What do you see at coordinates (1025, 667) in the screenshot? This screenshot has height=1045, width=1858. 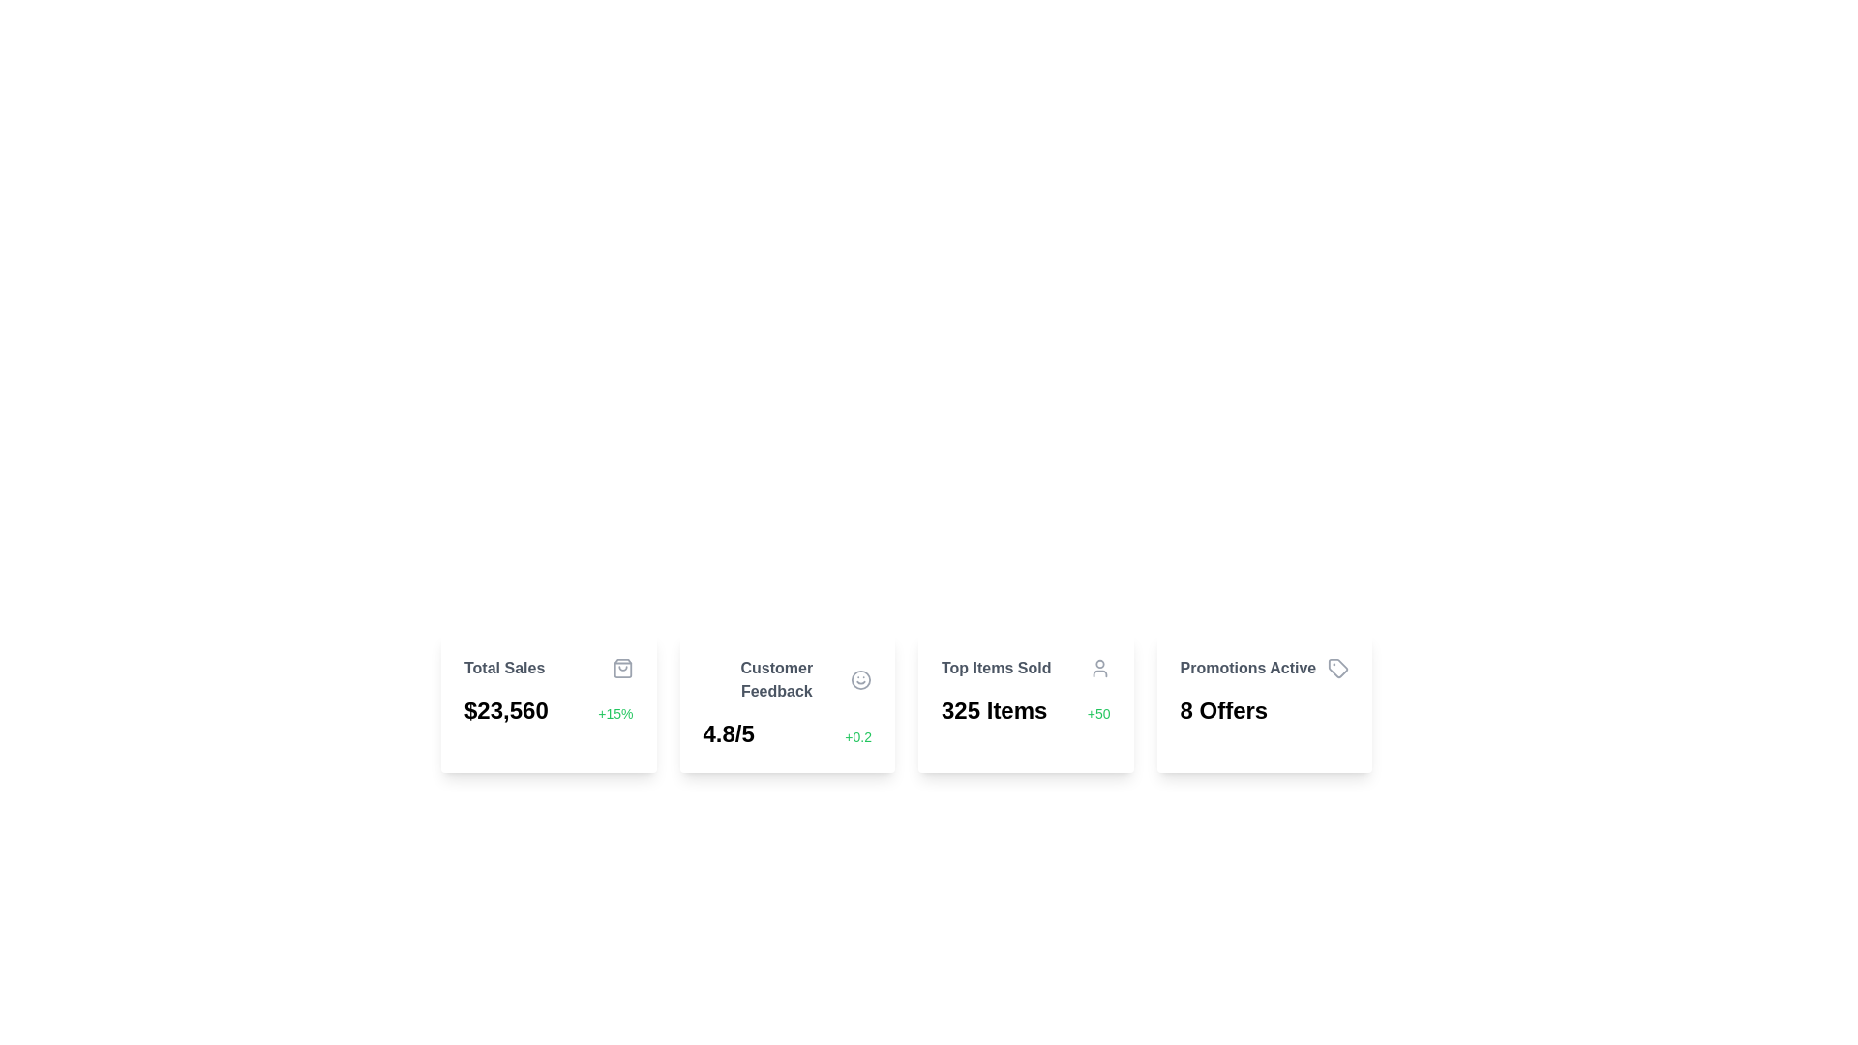 I see `the Card Header, which serves as the title for the card containing top items sold, positioned at the top of the card section` at bounding box center [1025, 667].